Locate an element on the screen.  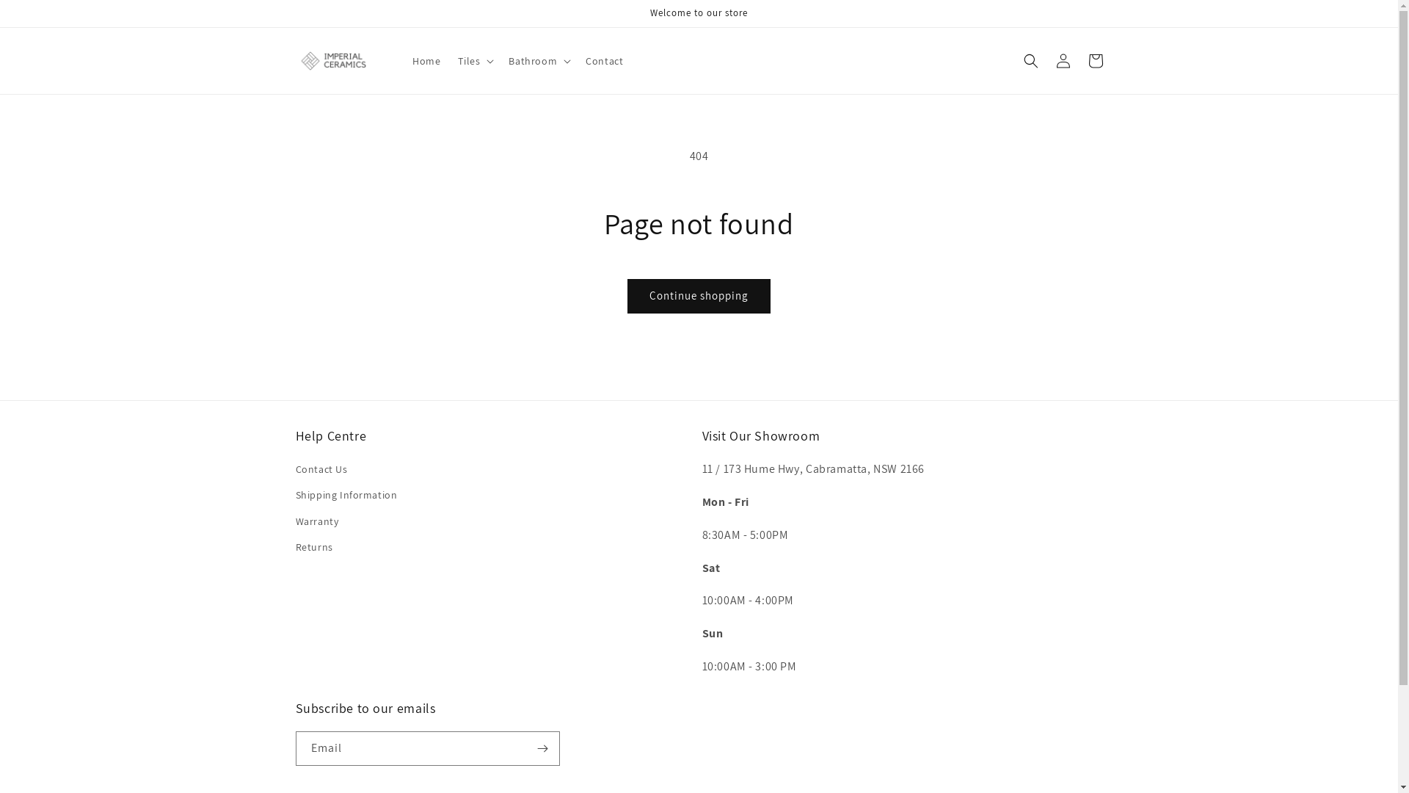
'Warranty' is located at coordinates (294, 521).